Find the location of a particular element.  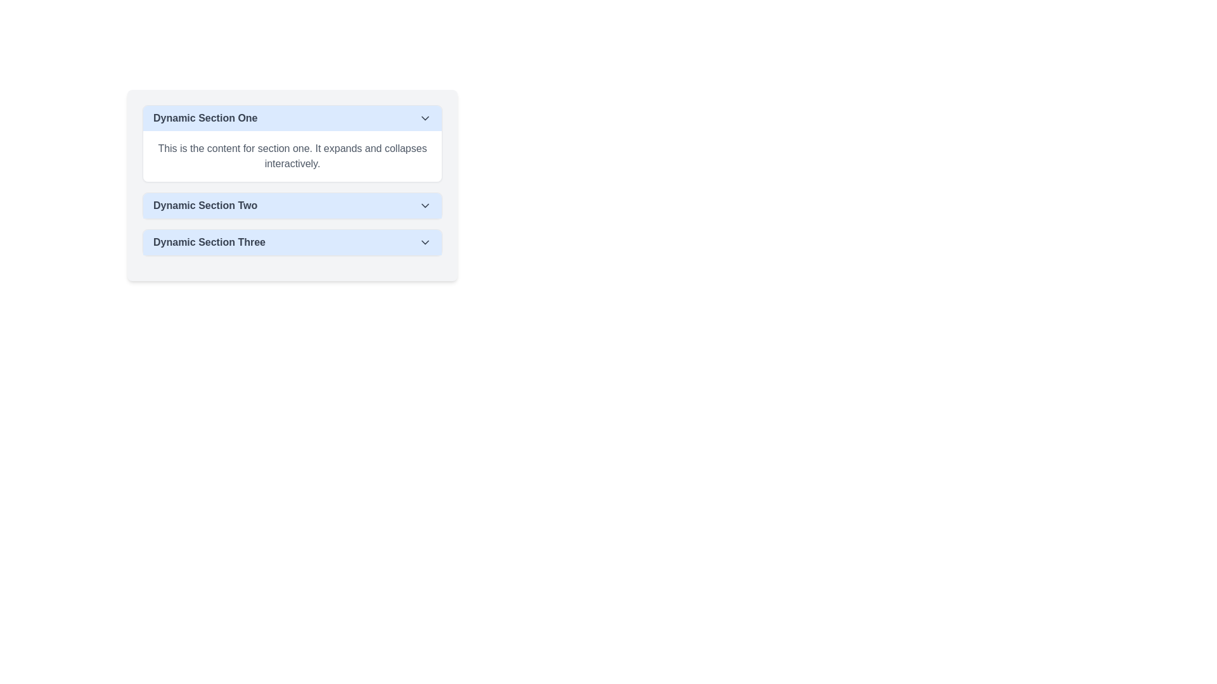

the Chevron Down icon located to the far right of the 'Dynamic Section Three' header is located at coordinates (425, 242).